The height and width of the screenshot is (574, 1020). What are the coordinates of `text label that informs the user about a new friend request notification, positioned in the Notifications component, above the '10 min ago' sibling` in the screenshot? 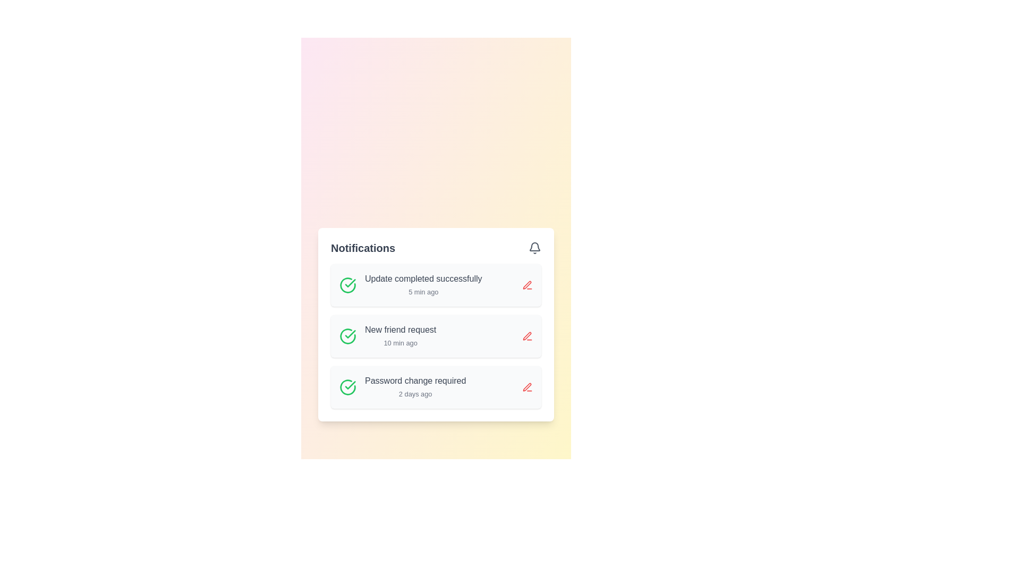 It's located at (400, 330).